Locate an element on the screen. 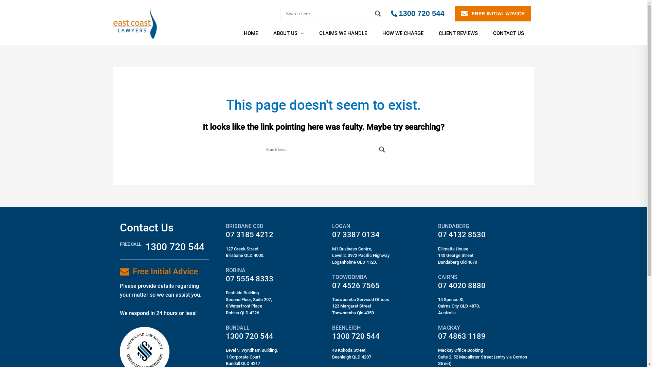 This screenshot has width=652, height=367. 'HOME' is located at coordinates (253, 33).